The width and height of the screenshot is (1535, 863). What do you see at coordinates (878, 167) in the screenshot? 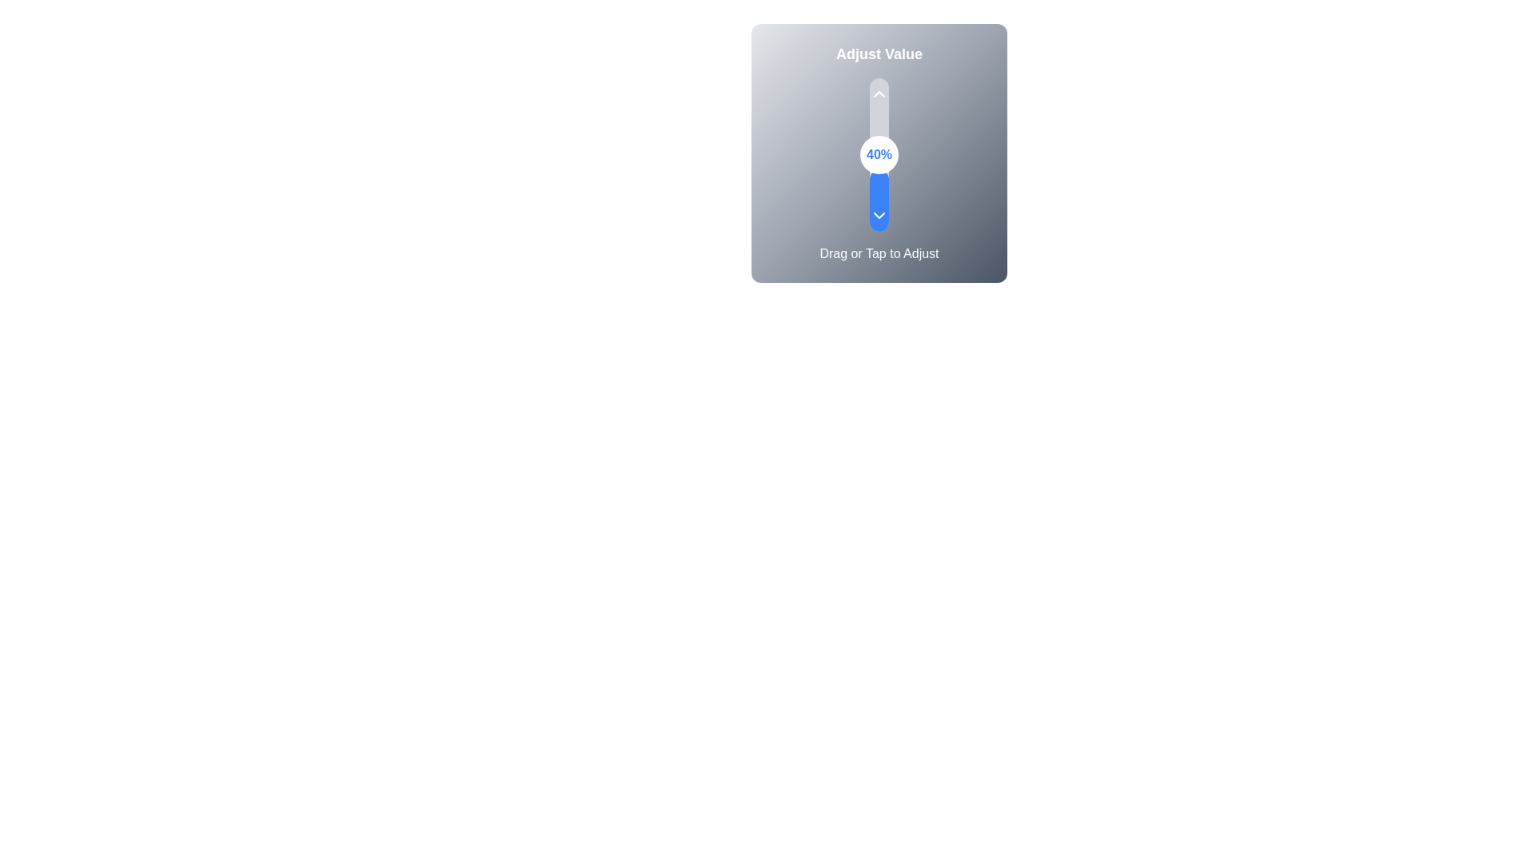
I see `the slider value` at bounding box center [878, 167].